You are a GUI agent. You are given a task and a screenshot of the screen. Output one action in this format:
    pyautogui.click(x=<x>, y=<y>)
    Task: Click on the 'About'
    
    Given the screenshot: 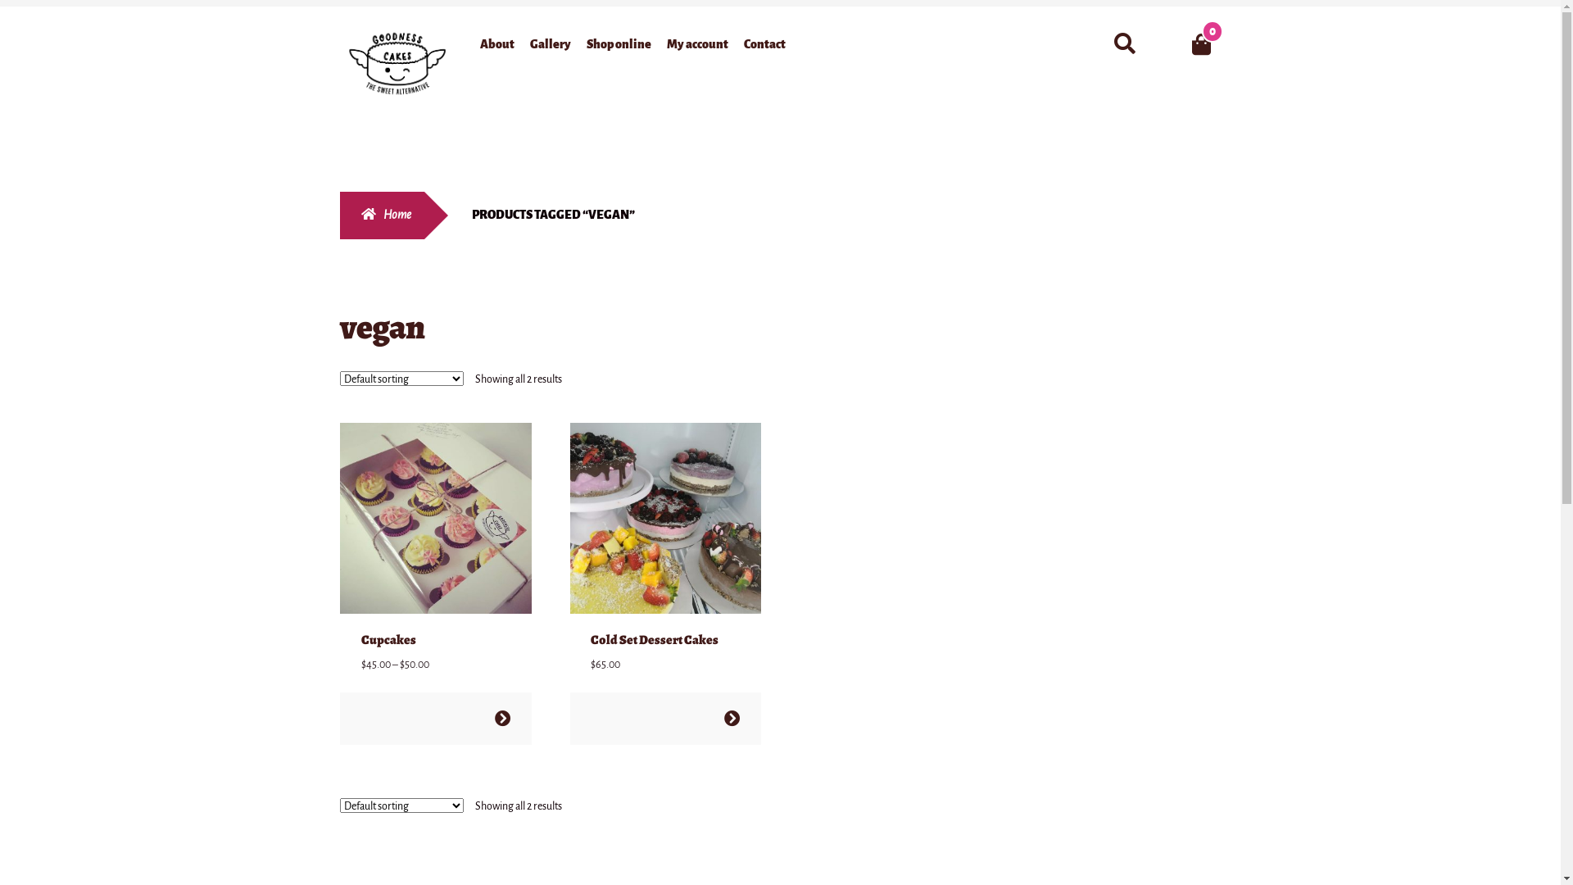 What is the action you would take?
    pyautogui.click(x=496, y=46)
    